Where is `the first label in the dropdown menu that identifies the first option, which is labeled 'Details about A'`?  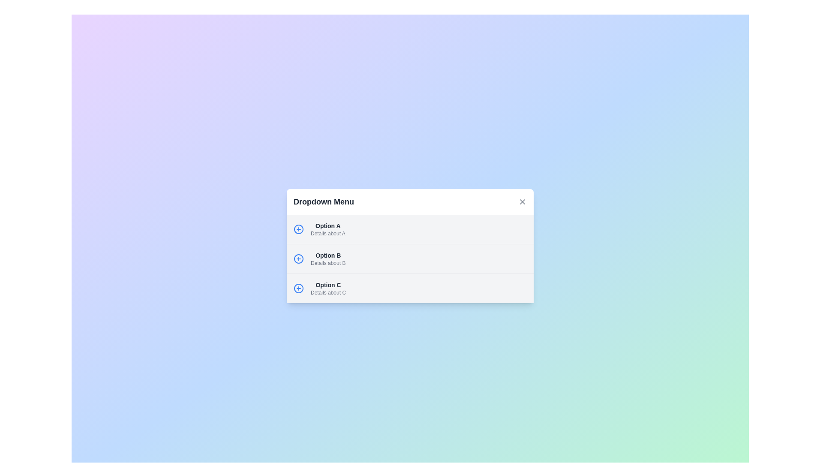
the first label in the dropdown menu that identifies the first option, which is labeled 'Details about A' is located at coordinates (327, 225).